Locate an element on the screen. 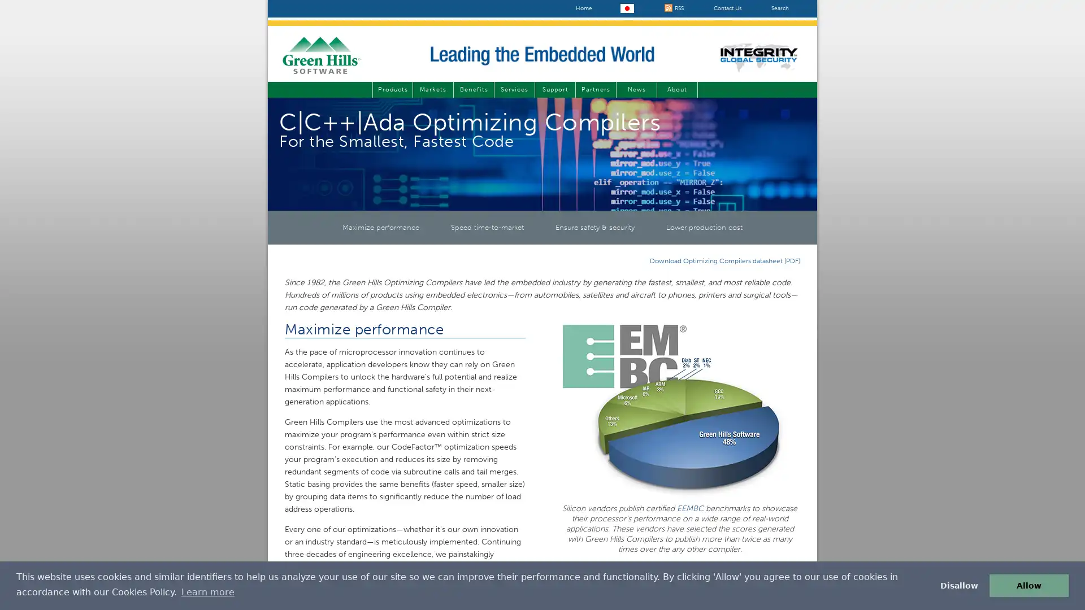 This screenshot has width=1085, height=610. learn more about cookies is located at coordinates (207, 591).